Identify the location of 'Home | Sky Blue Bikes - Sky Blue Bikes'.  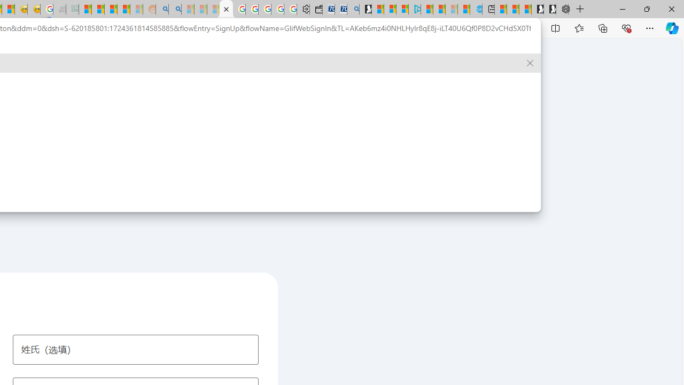
(475, 9).